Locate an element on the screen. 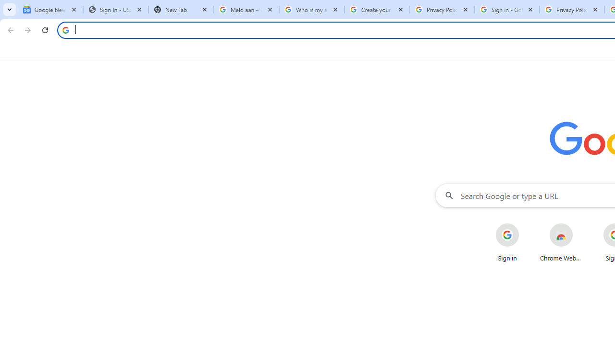 This screenshot has width=615, height=346. 'Google News' is located at coordinates (49, 10).